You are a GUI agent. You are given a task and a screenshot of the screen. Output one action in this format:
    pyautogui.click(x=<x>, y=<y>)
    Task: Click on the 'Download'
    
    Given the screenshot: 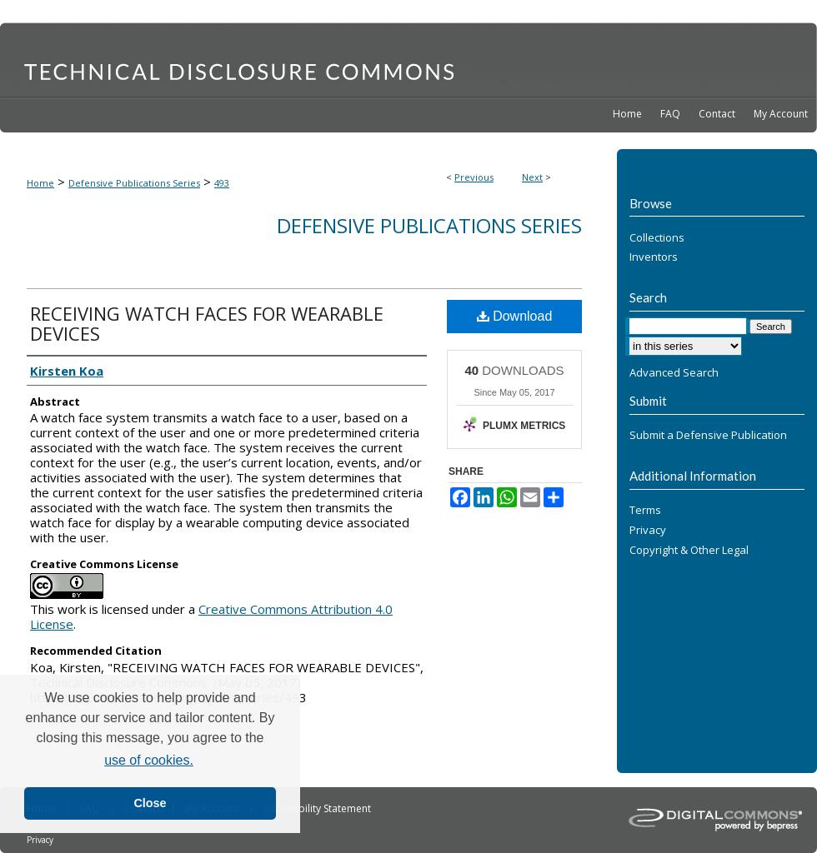 What is the action you would take?
    pyautogui.click(x=489, y=315)
    